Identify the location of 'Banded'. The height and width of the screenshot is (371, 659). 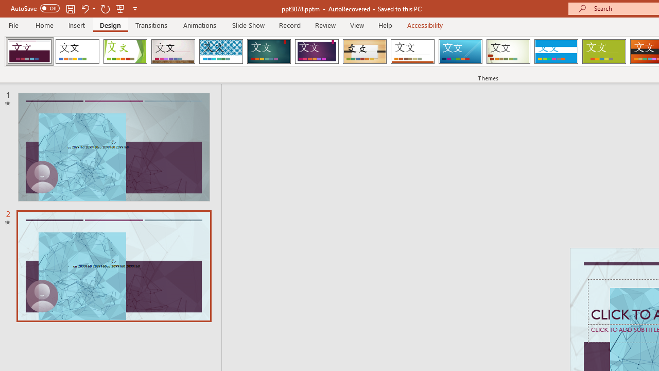
(556, 52).